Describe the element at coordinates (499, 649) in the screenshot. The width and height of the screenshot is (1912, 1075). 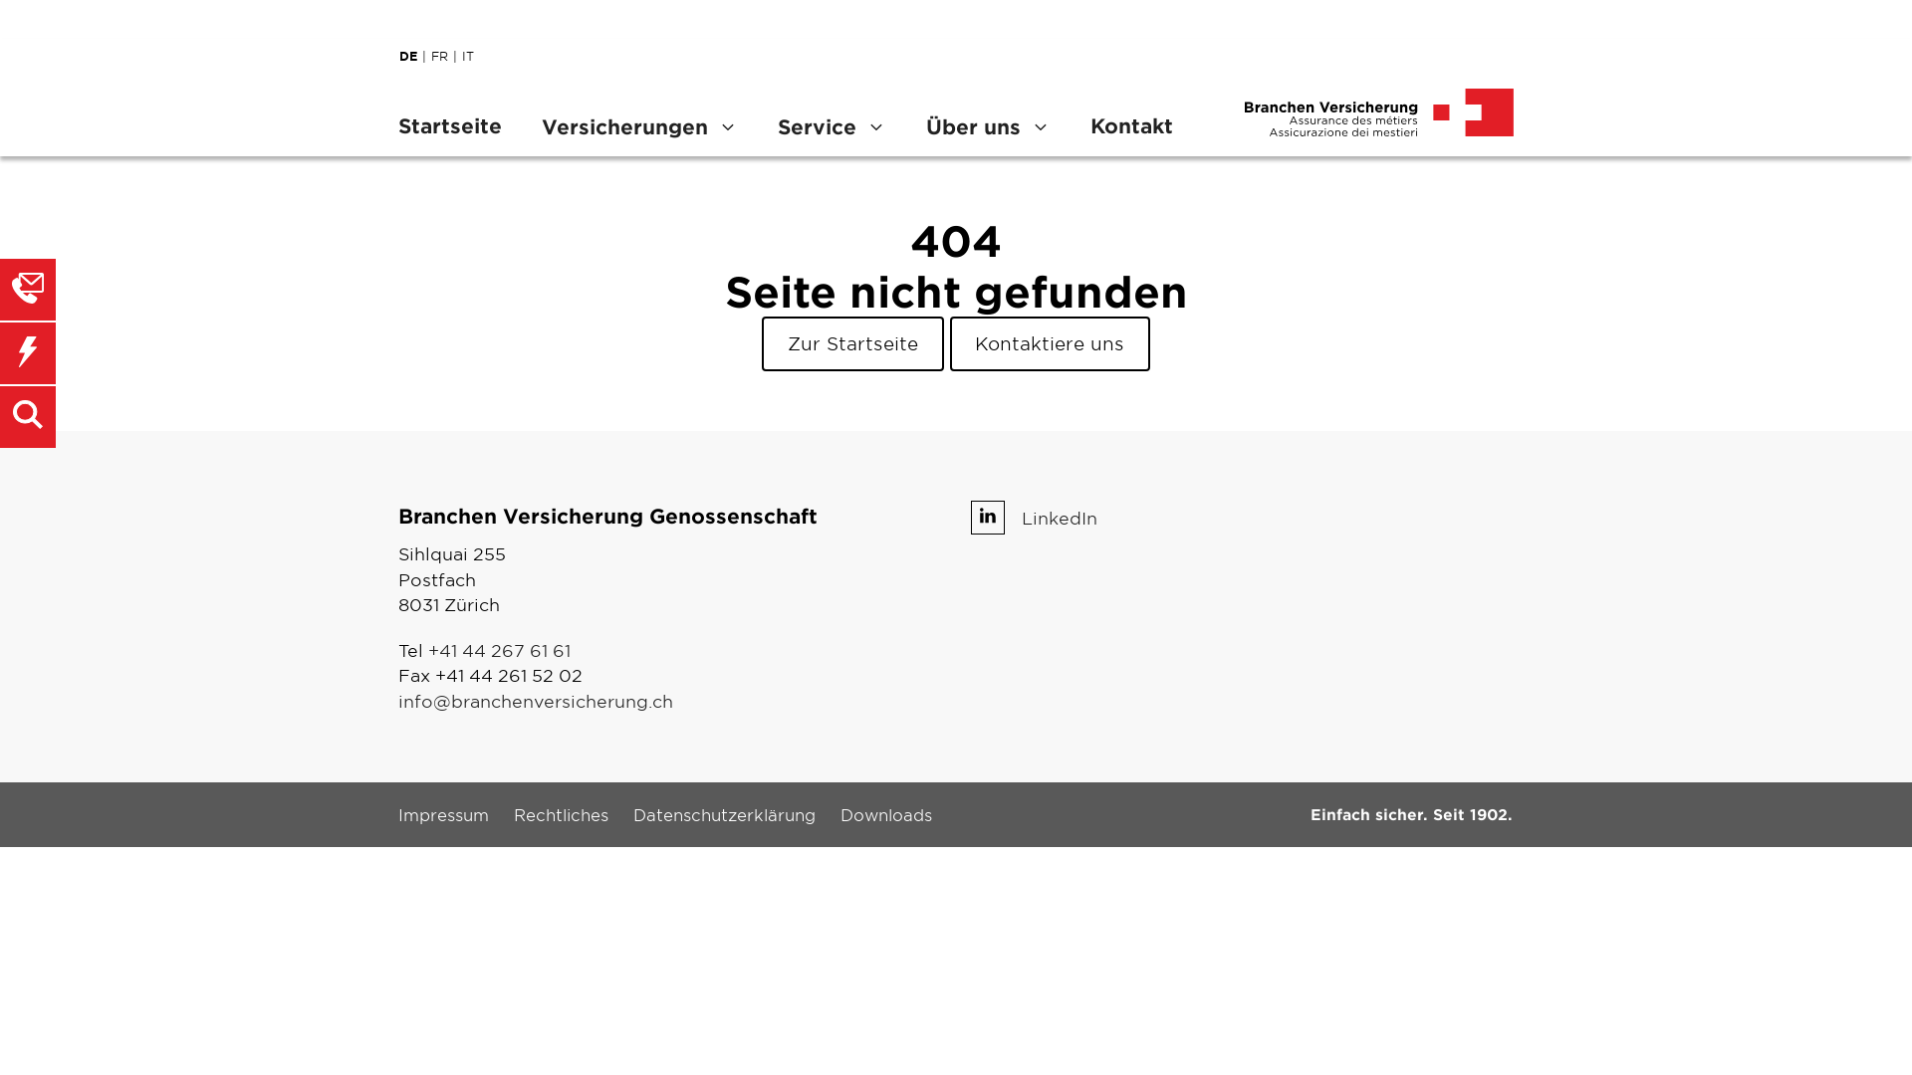
I see `'+41 44 267 61 61'` at that location.